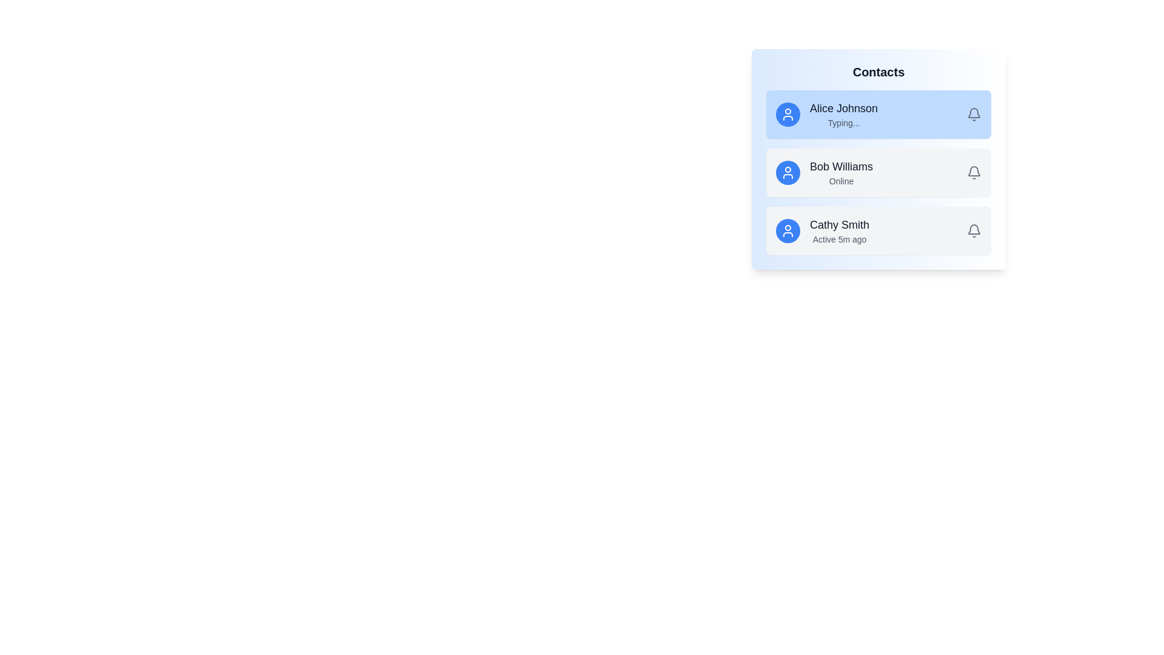  I want to click on the avatar icon representing the user 'Alice Johnson', located in the Contacts panel, positioned to the left of the text 'Alice Johnson', so click(788, 115).